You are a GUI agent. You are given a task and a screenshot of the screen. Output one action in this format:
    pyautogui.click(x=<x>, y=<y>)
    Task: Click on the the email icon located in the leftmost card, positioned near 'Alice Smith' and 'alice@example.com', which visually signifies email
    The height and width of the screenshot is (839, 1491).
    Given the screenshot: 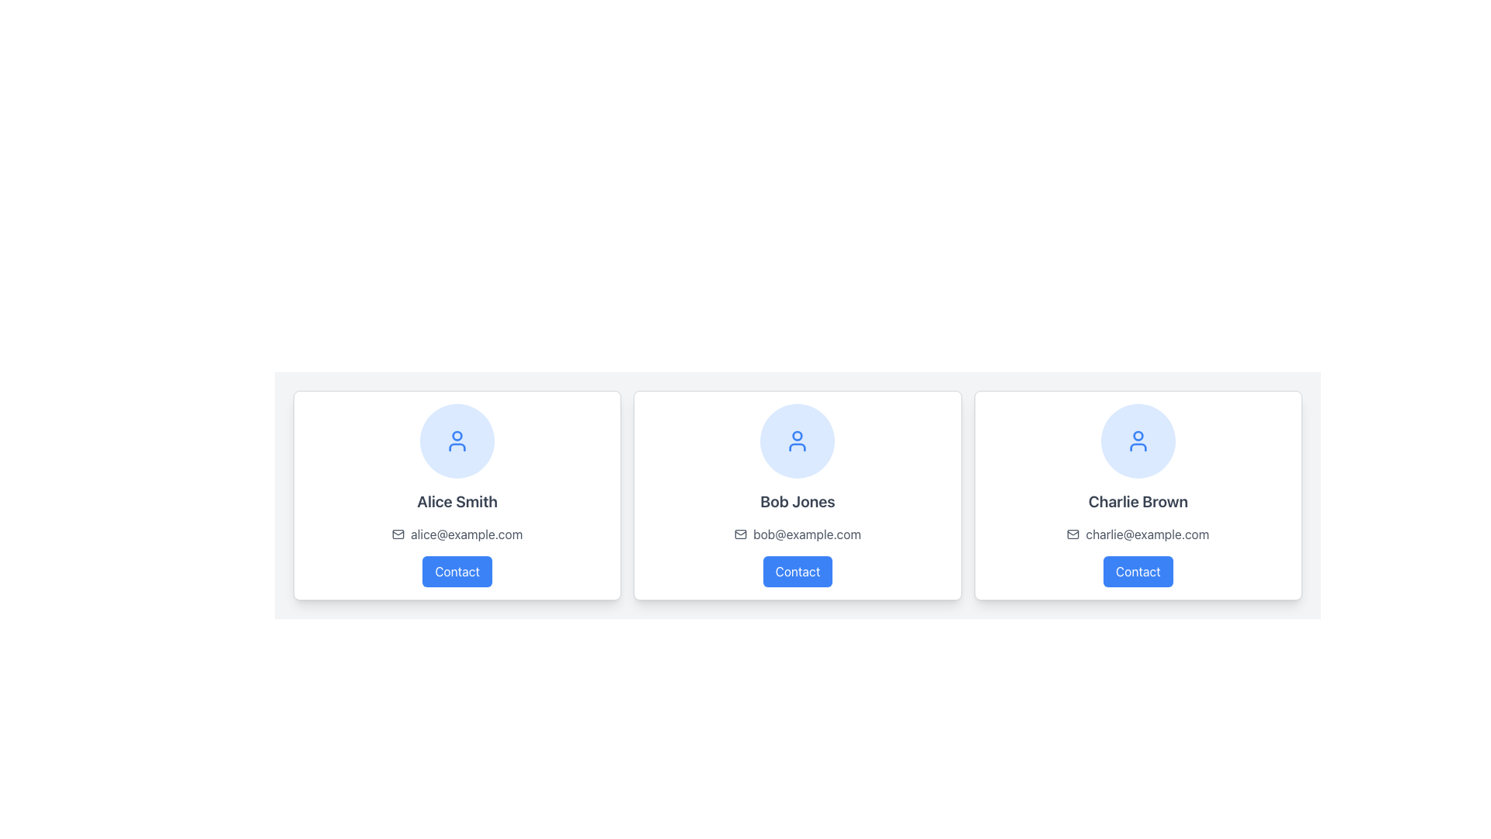 What is the action you would take?
    pyautogui.click(x=398, y=533)
    